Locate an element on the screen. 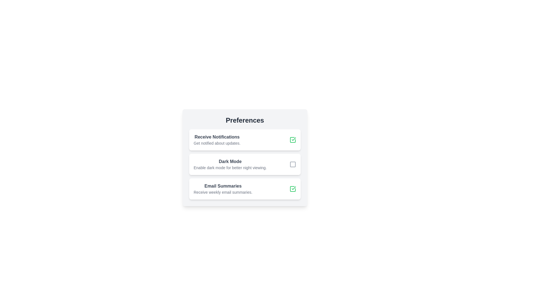 Image resolution: width=535 pixels, height=301 pixels. the checkbox with a green border and green checkmark located on the right side of the 'Receive Notifications' section is located at coordinates (293, 139).